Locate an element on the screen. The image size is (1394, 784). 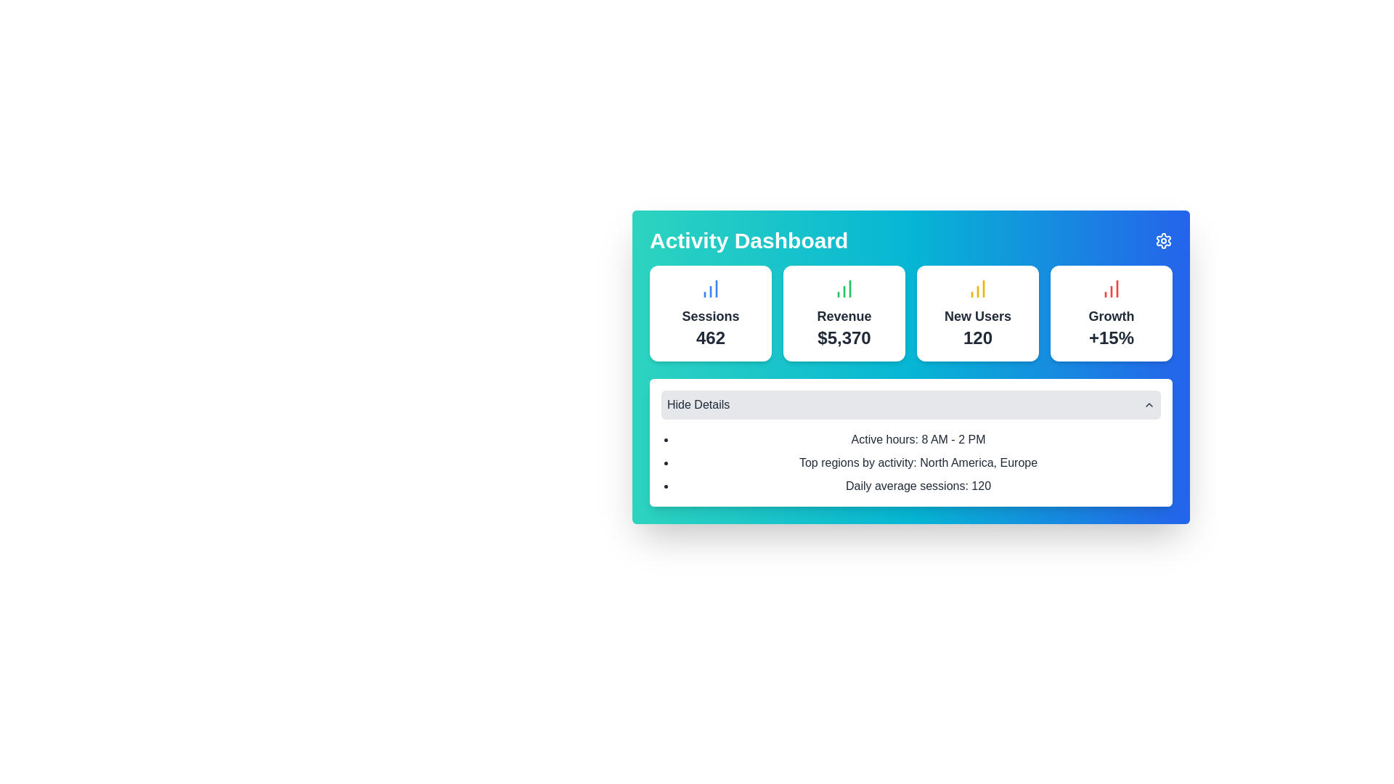
the purpose of the 'Hide Details' label, which is likely to toggle or indicate the collapse of additional information is located at coordinates (698, 405).